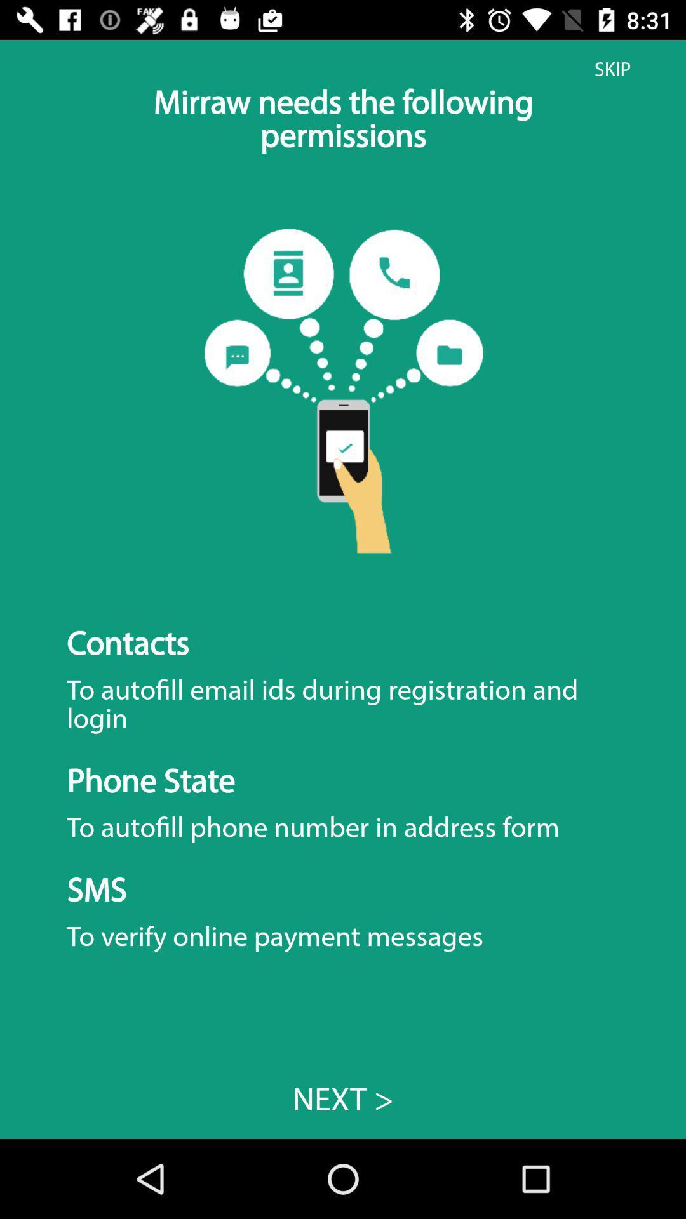 The height and width of the screenshot is (1219, 686). What do you see at coordinates (343, 1098) in the screenshot?
I see `next > item` at bounding box center [343, 1098].